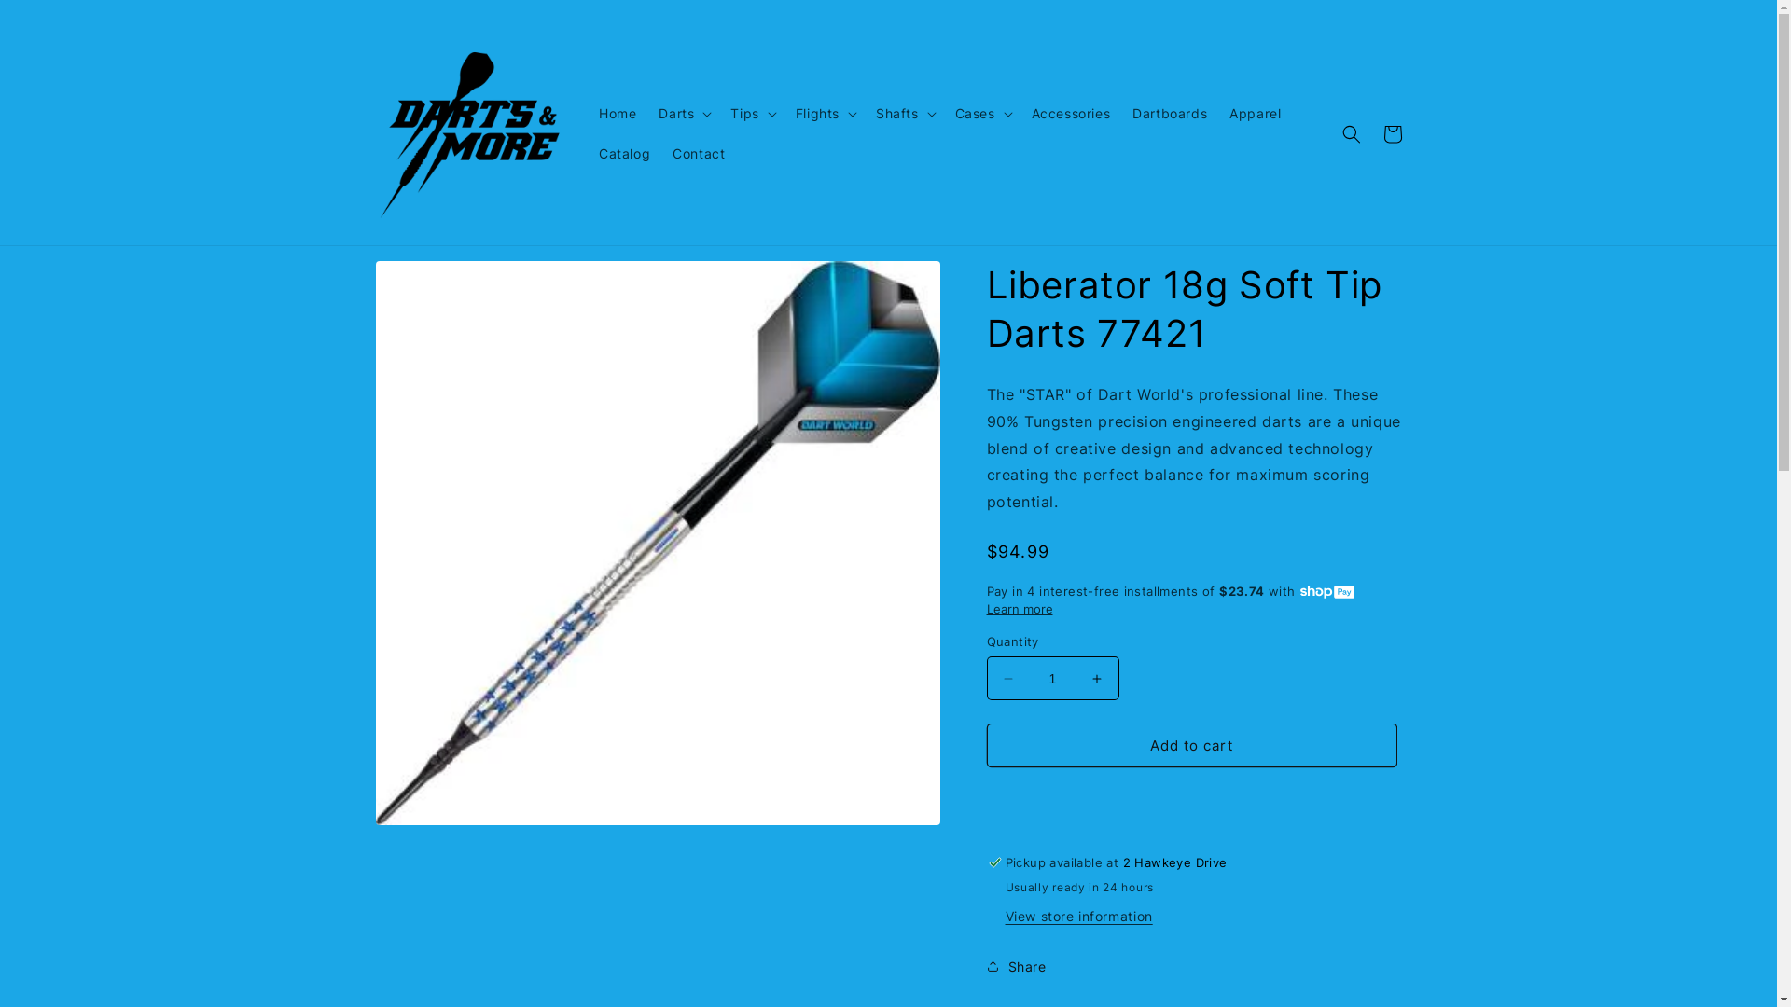 The height and width of the screenshot is (1007, 1791). What do you see at coordinates (1168, 114) in the screenshot?
I see `'Dartboards'` at bounding box center [1168, 114].